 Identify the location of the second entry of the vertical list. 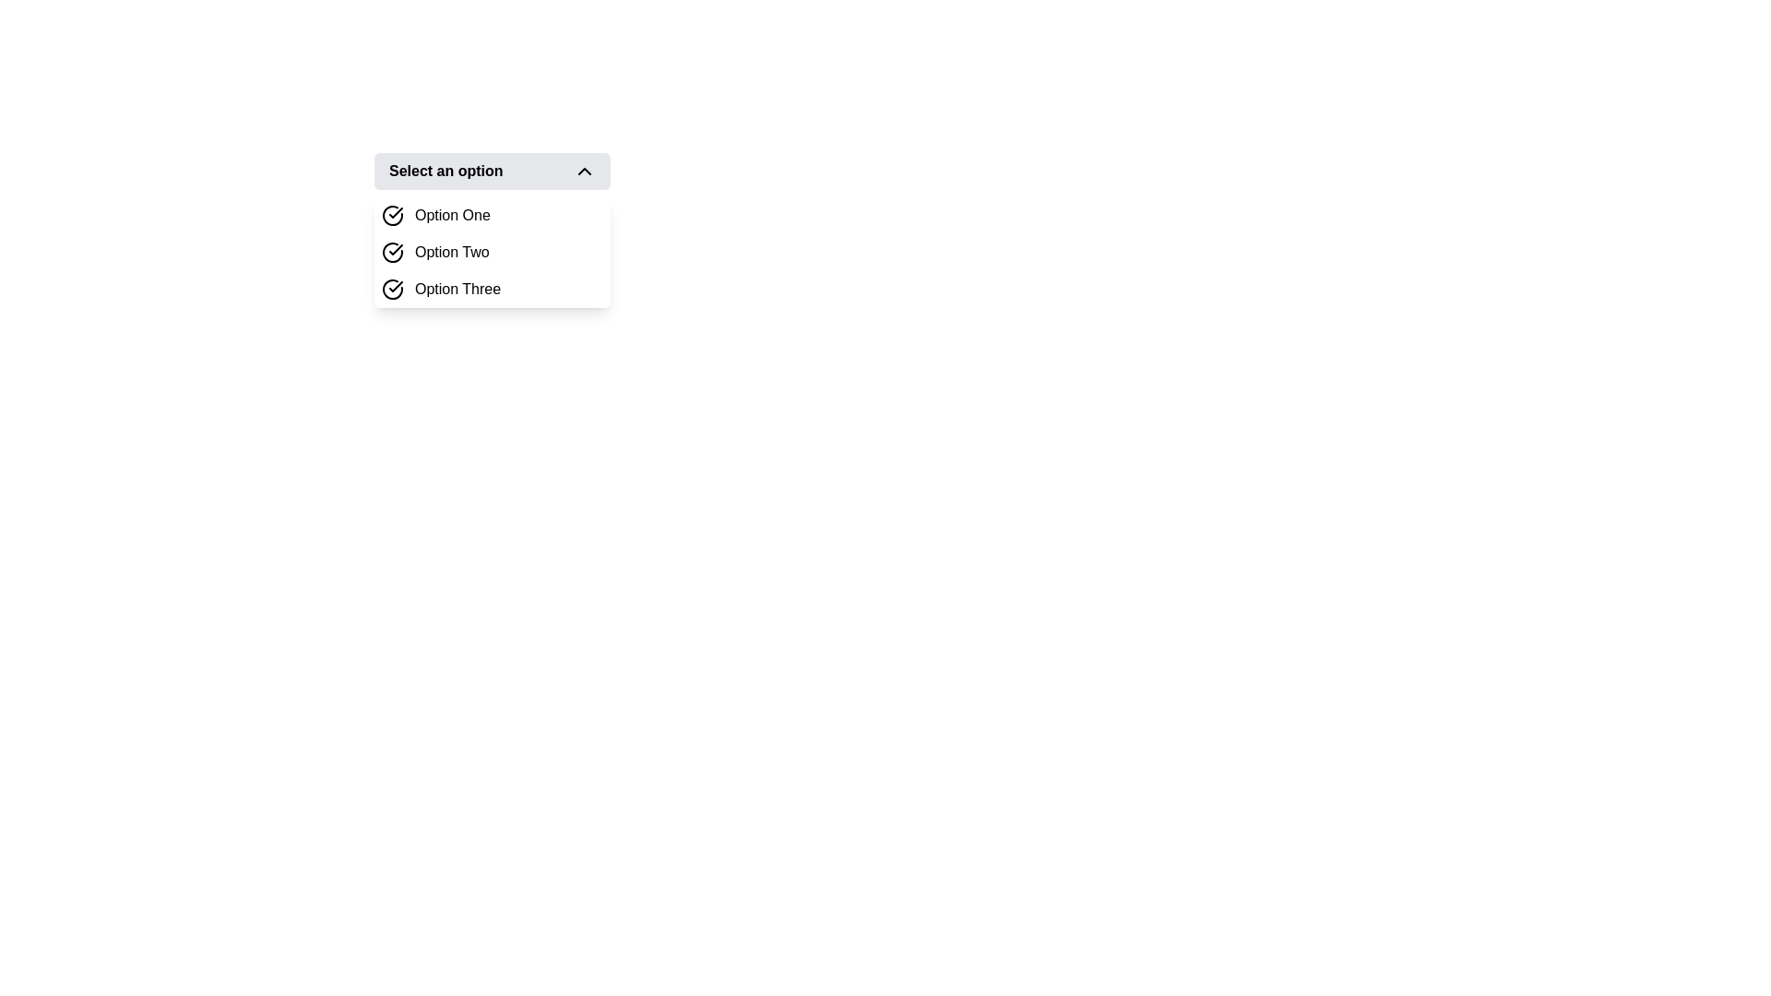
(492, 252).